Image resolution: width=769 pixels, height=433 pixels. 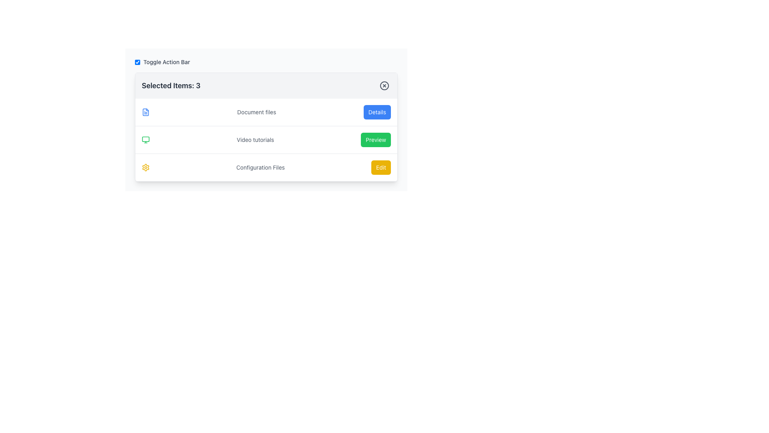 I want to click on the 'Configuration Files' text label, so click(x=260, y=167).